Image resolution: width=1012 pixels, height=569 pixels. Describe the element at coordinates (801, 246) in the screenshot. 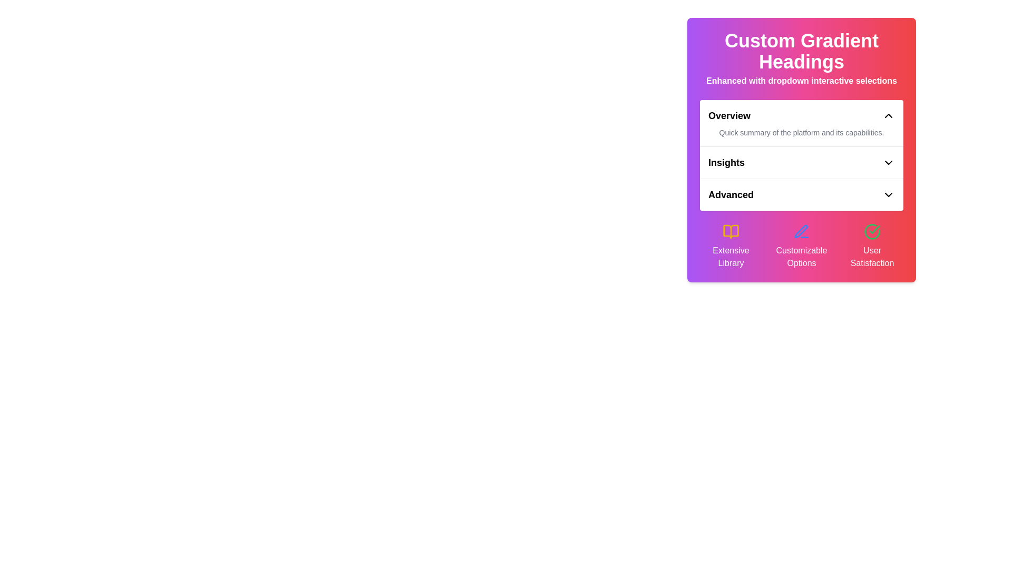

I see `the Informational button located in the middle column of the three-column layout at the bottom of the interface` at that location.